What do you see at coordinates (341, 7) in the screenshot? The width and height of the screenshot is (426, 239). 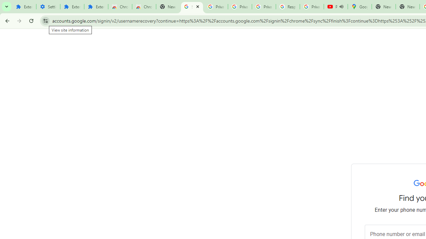 I see `'Mute tab'` at bounding box center [341, 7].